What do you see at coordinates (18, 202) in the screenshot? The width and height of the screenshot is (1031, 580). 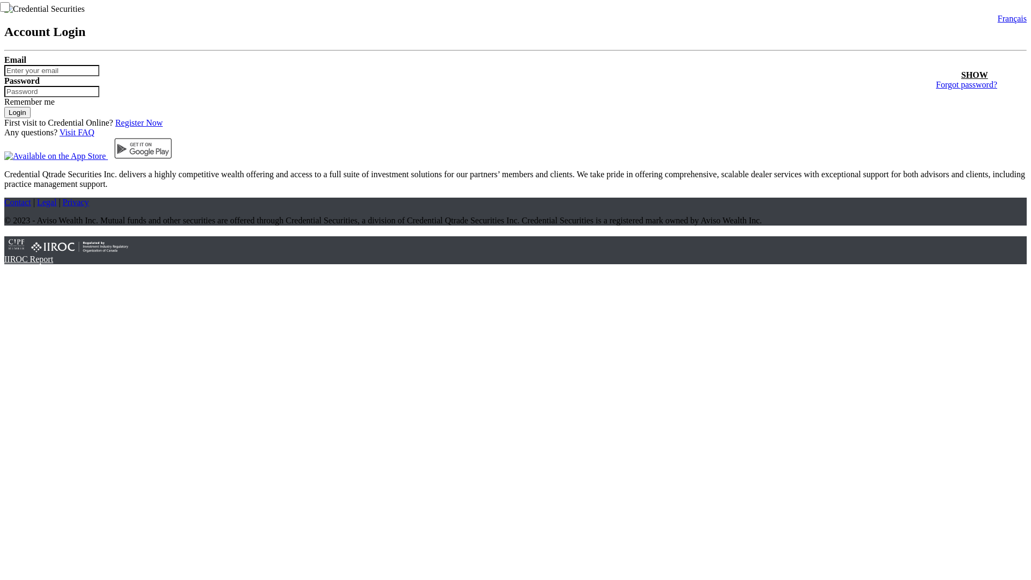 I see `'Contact'` at bounding box center [18, 202].